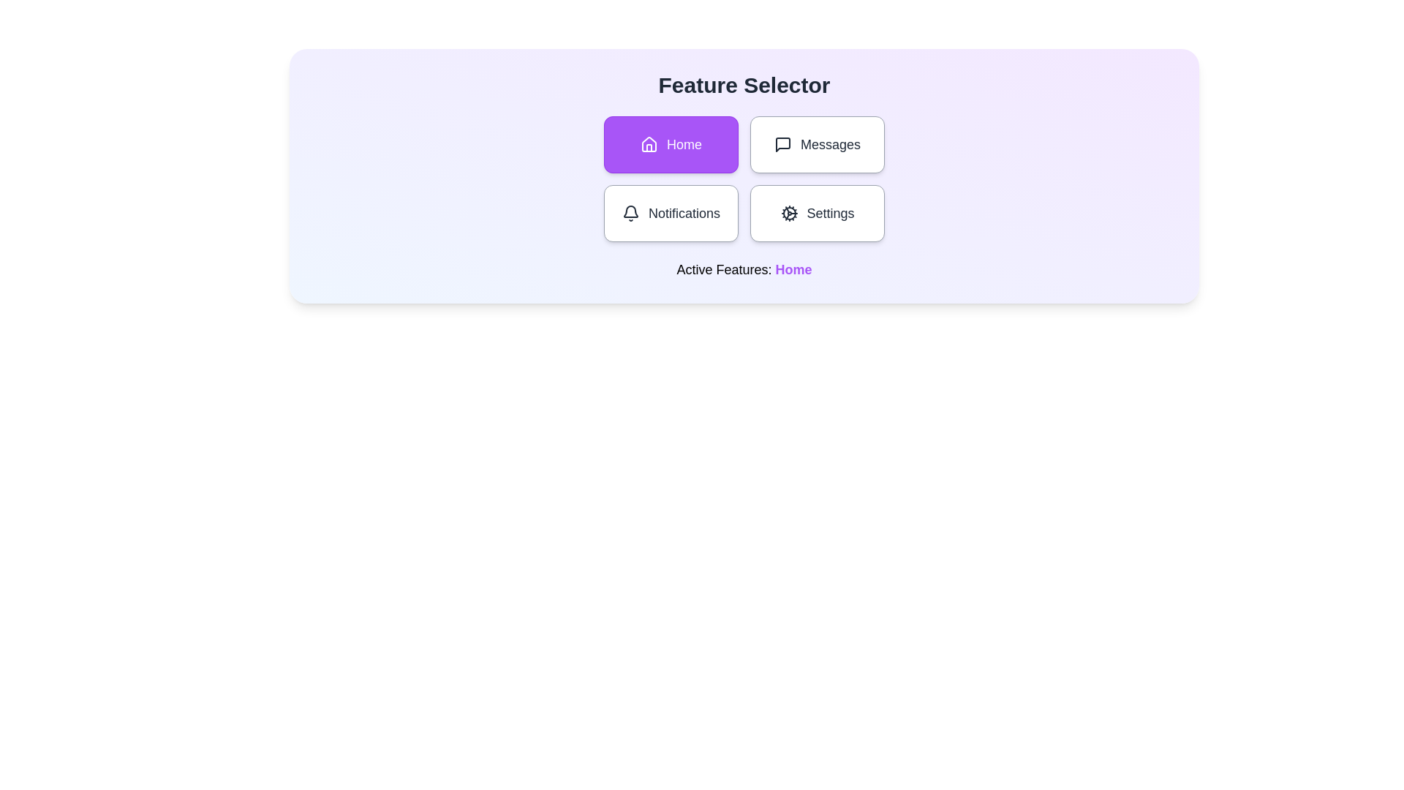 This screenshot has height=790, width=1404. I want to click on the bell-shaped notification icon located at the bottom-left corner of the 'Notifications' button, which serves as a visual cue for alerts, so click(631, 211).